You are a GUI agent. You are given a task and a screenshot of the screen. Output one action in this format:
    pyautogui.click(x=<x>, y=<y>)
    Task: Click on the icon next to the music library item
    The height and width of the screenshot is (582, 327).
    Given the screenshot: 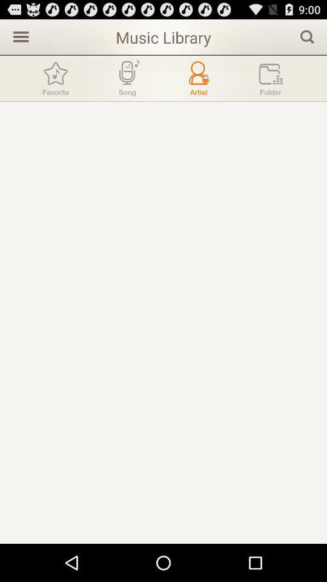 What is the action you would take?
    pyautogui.click(x=307, y=36)
    